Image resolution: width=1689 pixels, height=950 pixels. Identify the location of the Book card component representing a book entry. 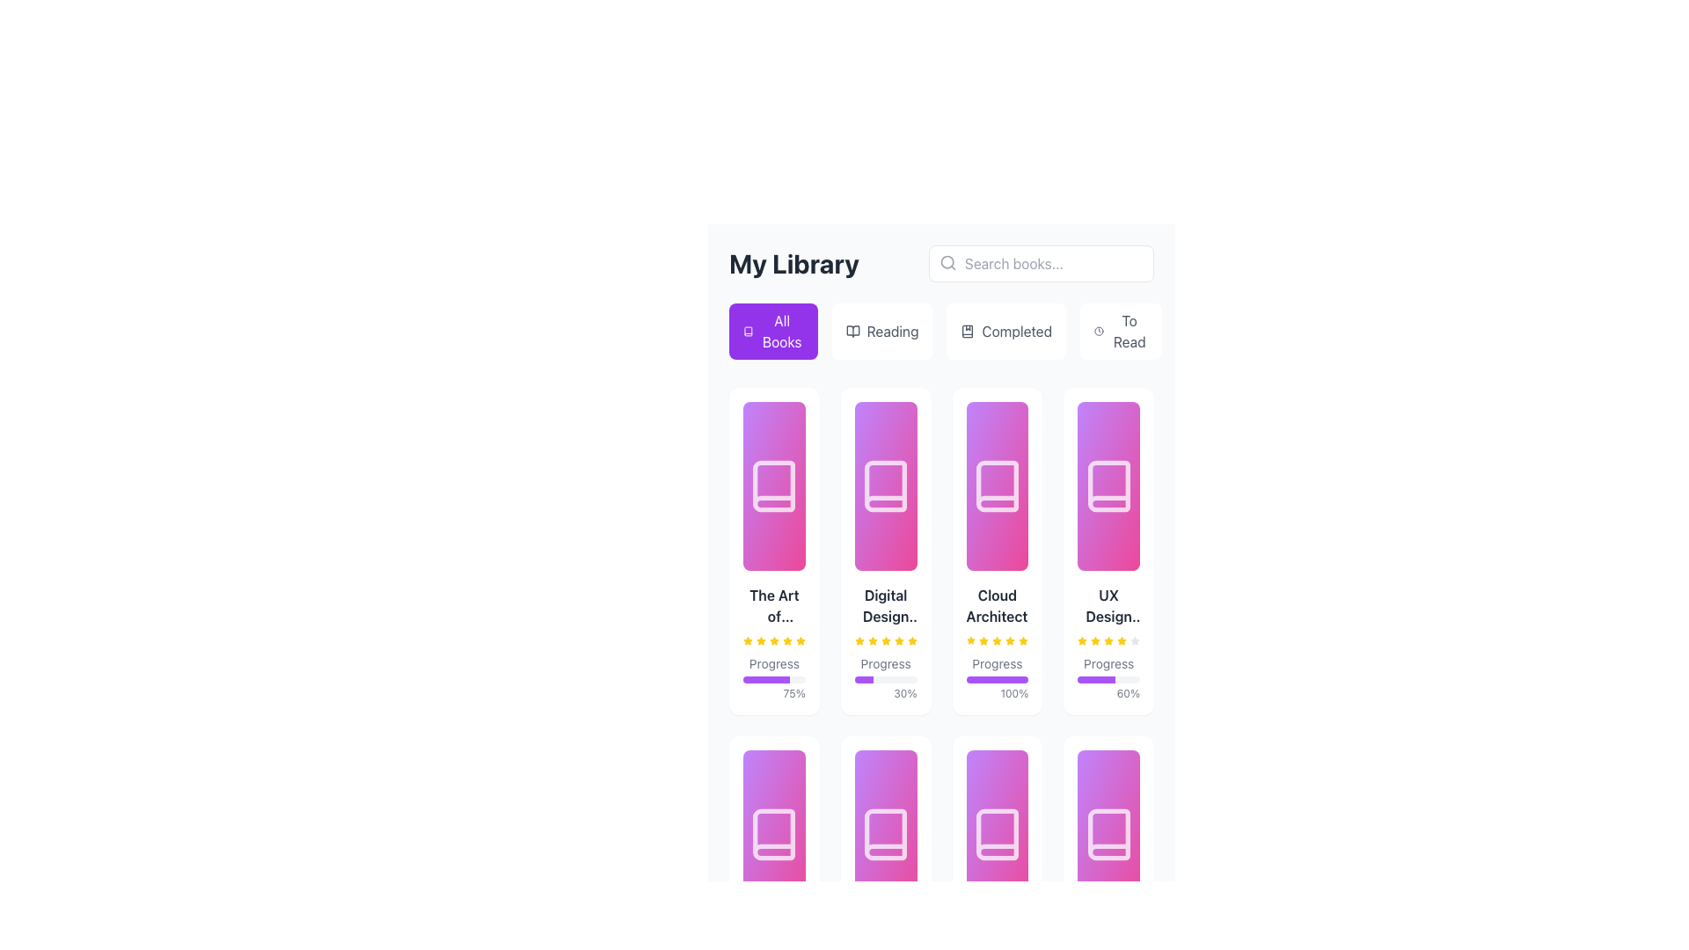
(886, 643).